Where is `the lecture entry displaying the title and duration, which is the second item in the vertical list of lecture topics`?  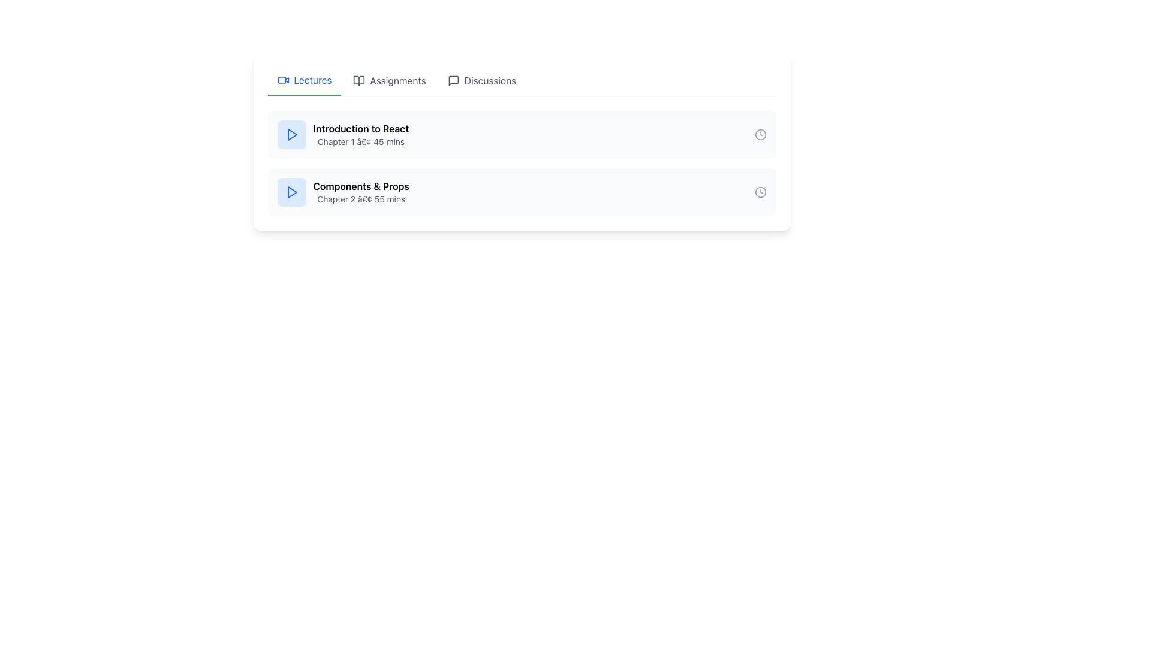
the lecture entry displaying the title and duration, which is the second item in the vertical list of lecture topics is located at coordinates (360, 191).